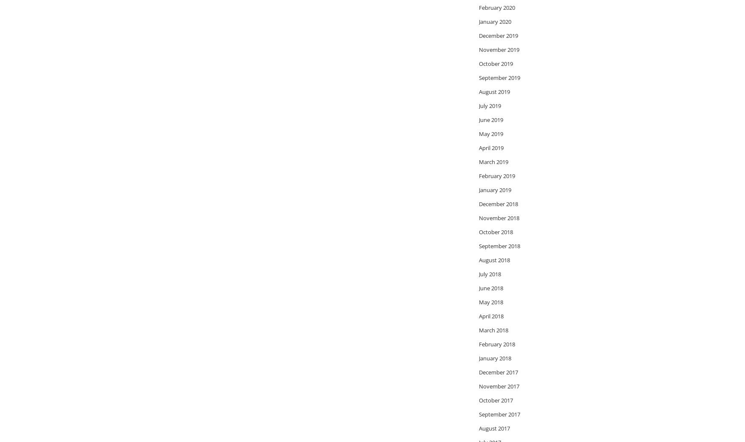 This screenshot has height=442, width=745. What do you see at coordinates (495, 21) in the screenshot?
I see `'January 2020'` at bounding box center [495, 21].